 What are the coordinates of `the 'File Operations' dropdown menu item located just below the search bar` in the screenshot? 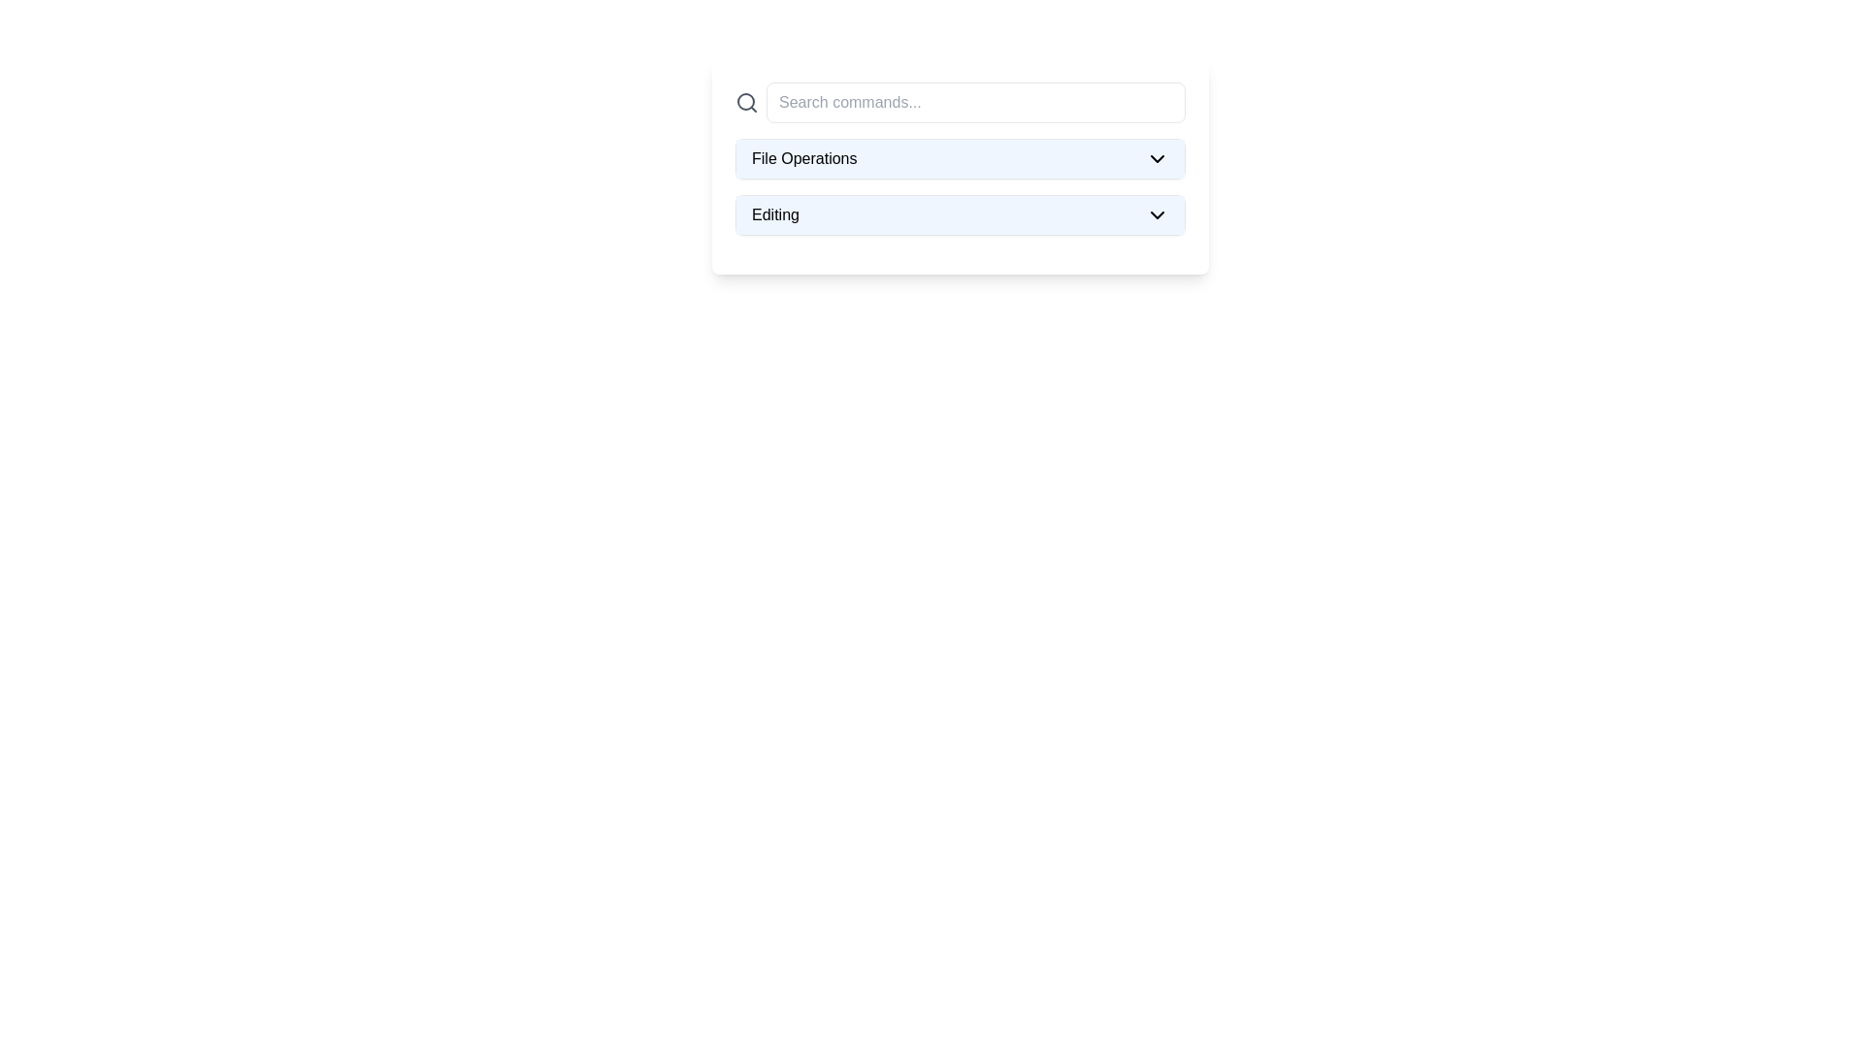 It's located at (960, 158).